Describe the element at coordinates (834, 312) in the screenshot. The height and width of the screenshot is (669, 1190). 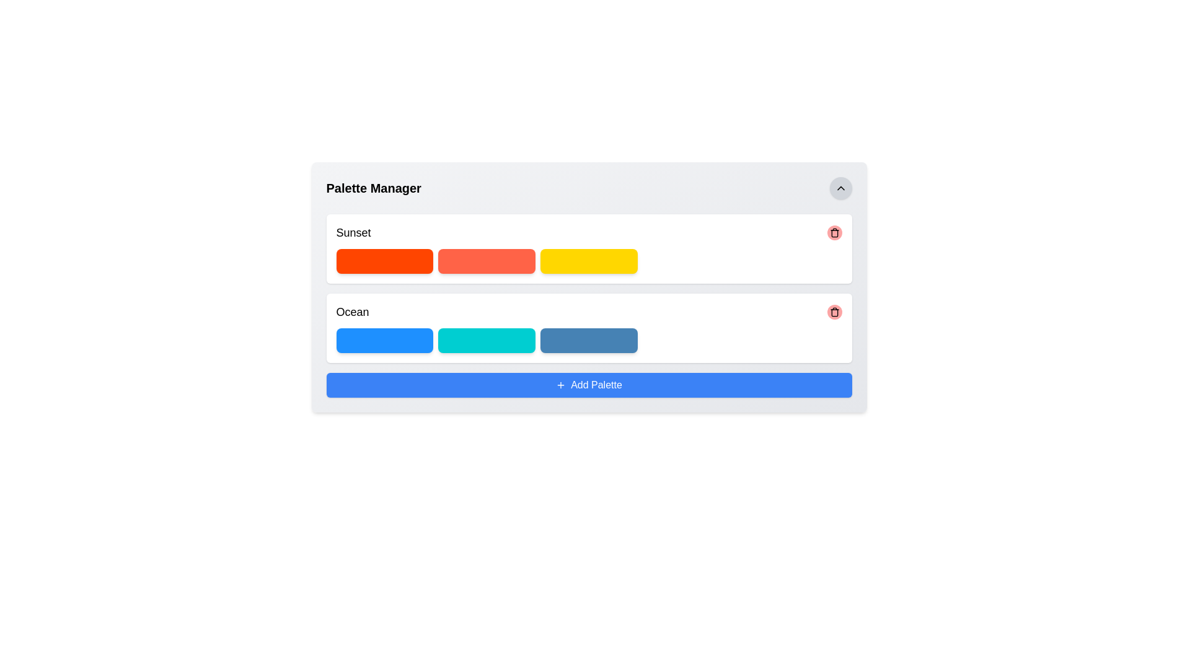
I see `the trash can icon button with a red background located at the far right of the row labeled 'Ocean'` at that location.